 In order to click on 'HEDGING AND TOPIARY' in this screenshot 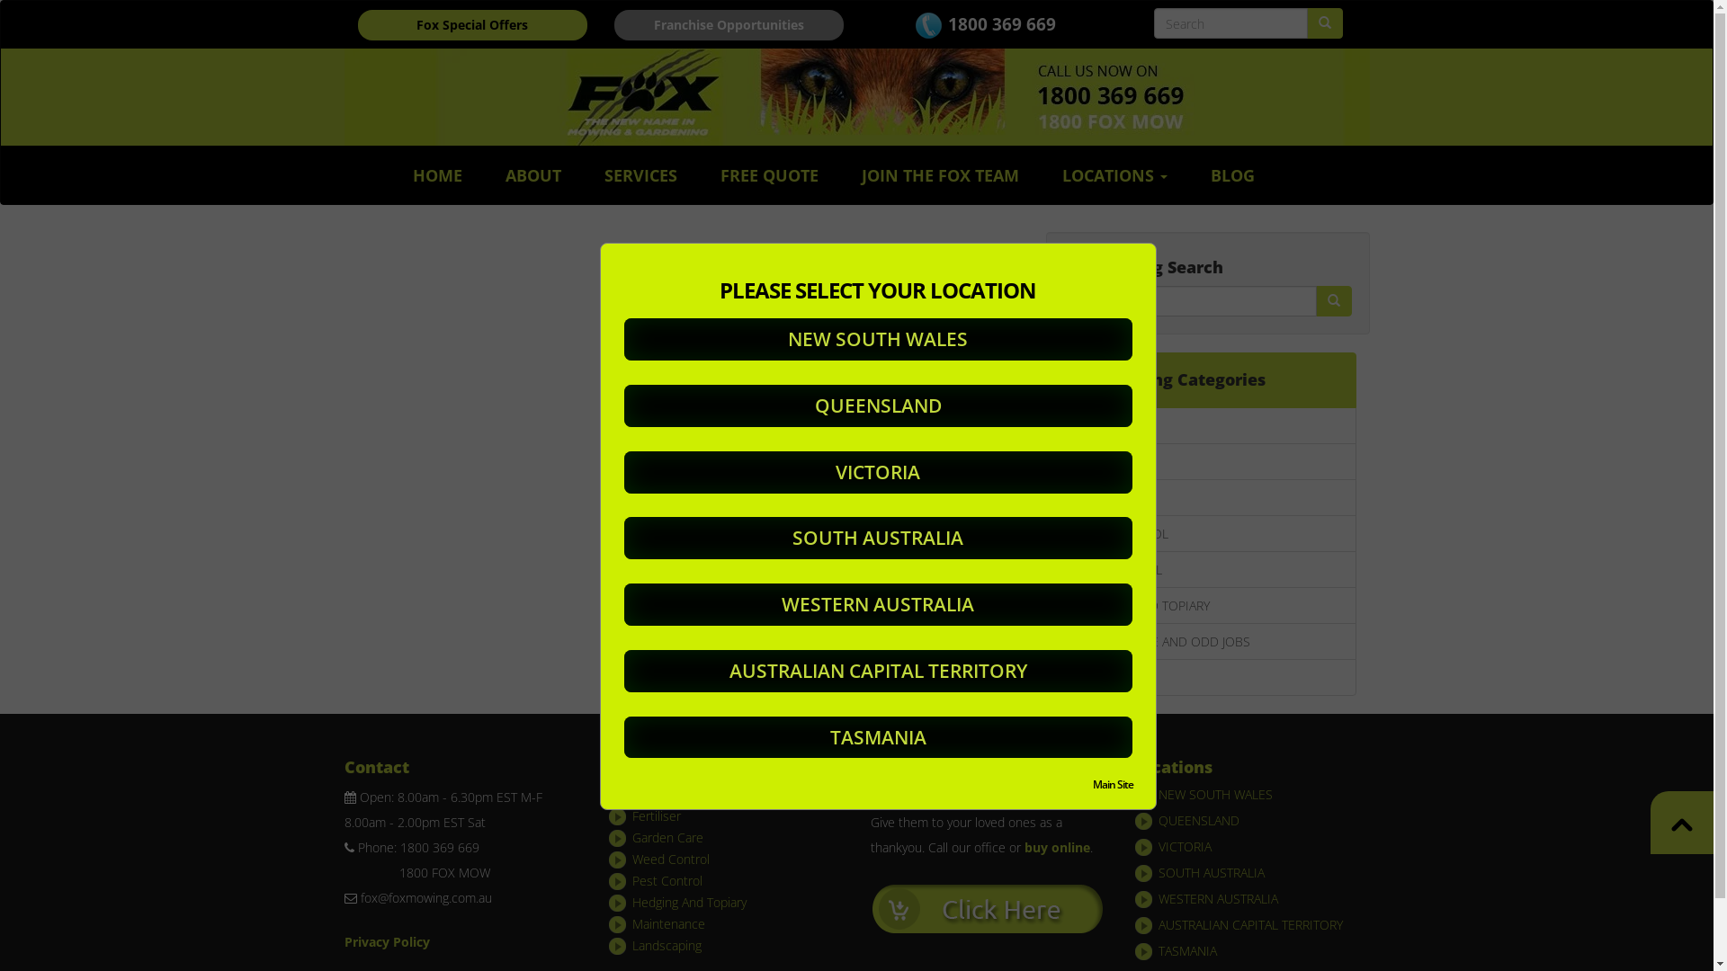, I will do `click(1208, 605)`.